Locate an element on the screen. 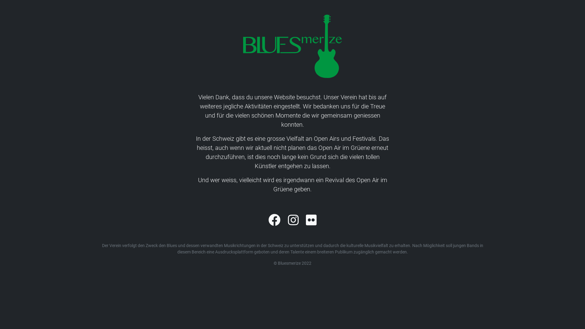 This screenshot has width=585, height=329. 'Flickr' is located at coordinates (311, 221).